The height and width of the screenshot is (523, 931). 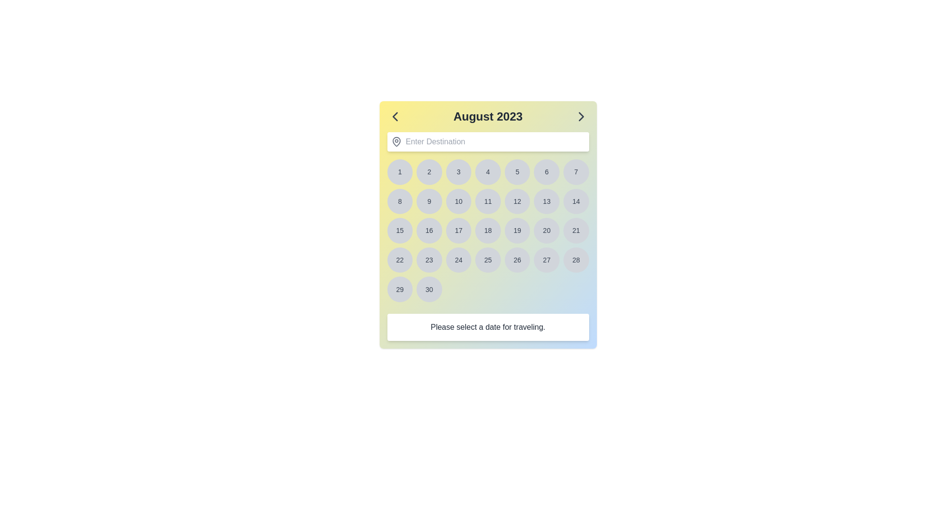 What do you see at coordinates (517, 171) in the screenshot?
I see `the circular button displaying the number '5'` at bounding box center [517, 171].